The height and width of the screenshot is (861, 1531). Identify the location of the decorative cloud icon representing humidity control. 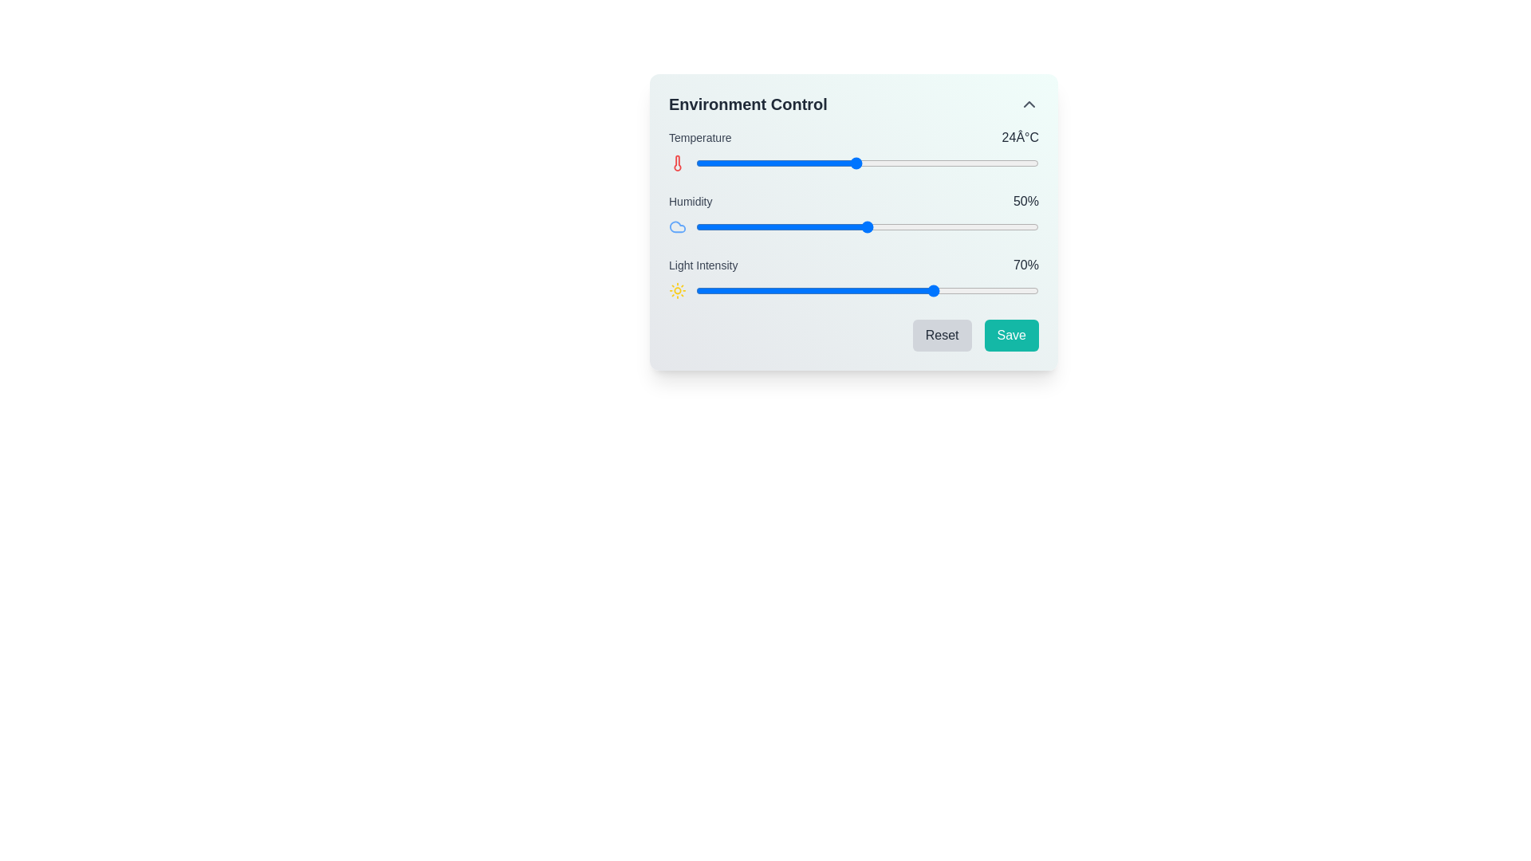
(677, 227).